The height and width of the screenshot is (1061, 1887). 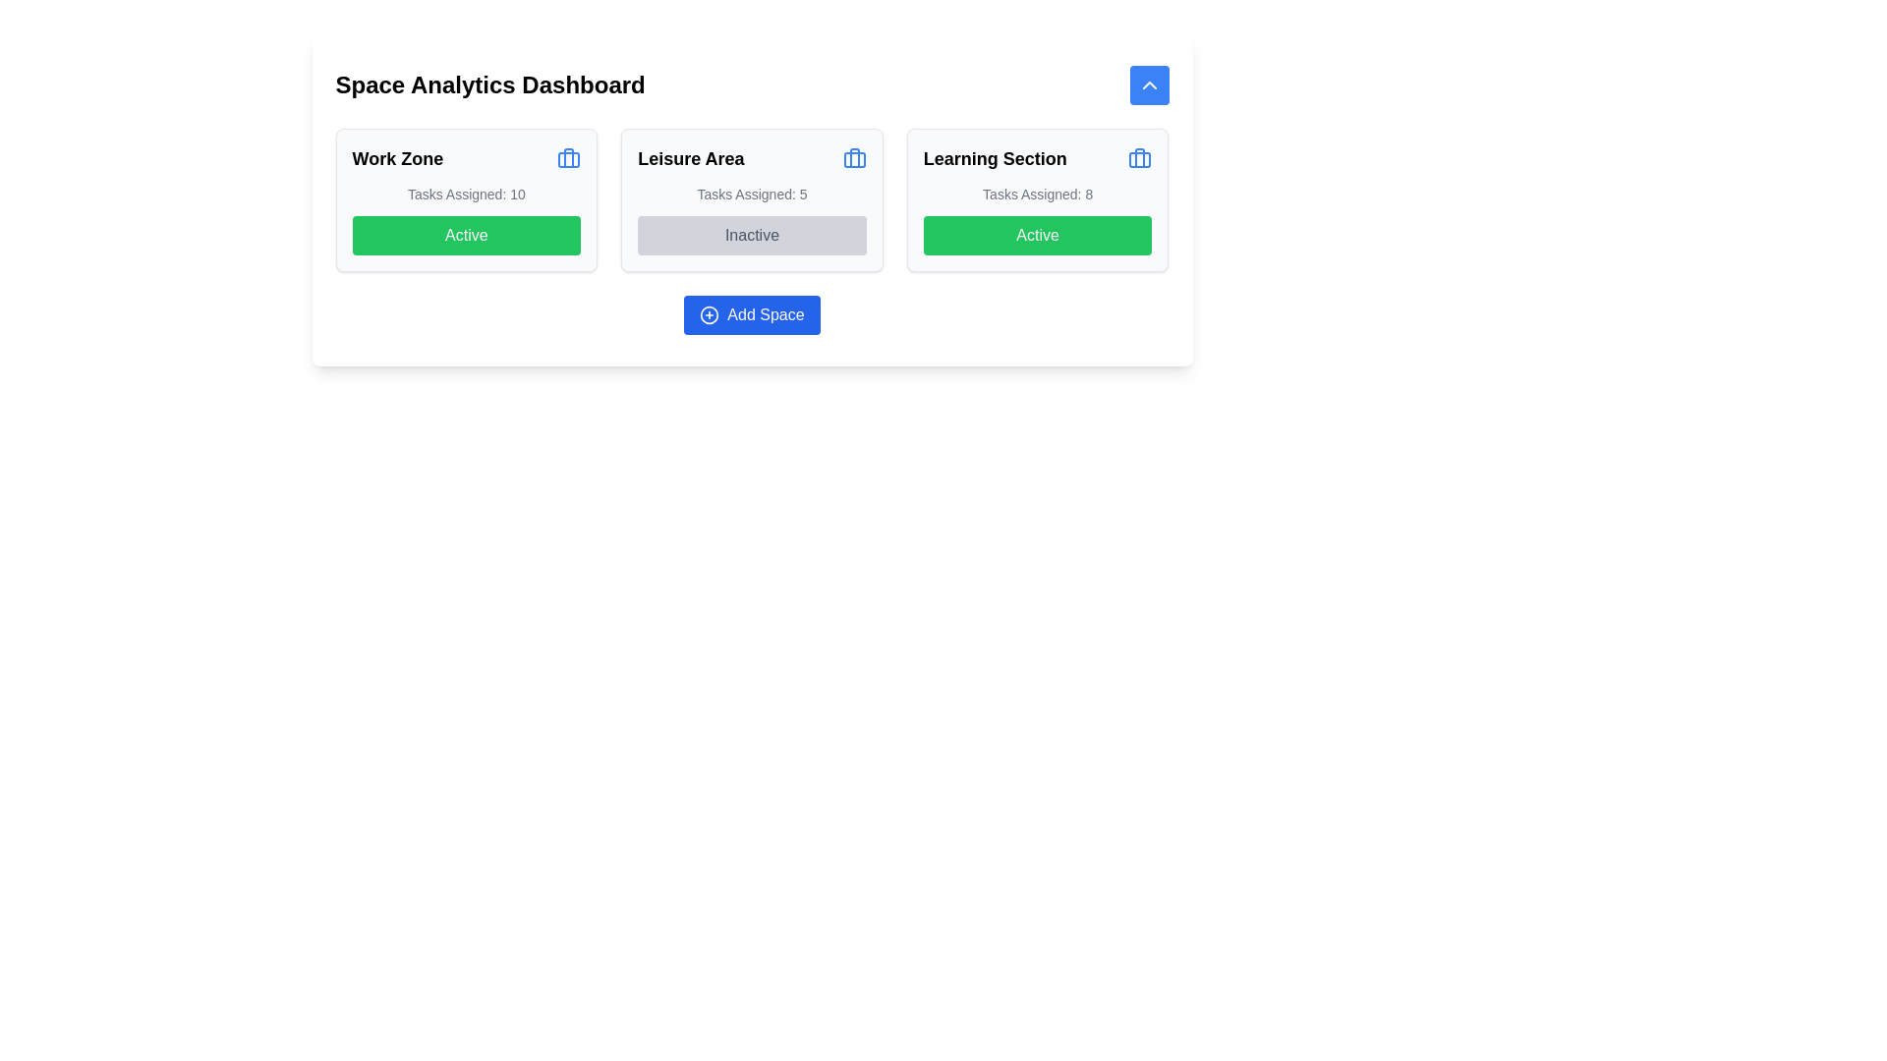 I want to click on the button located in the top-right corner of the 'Space Analytics Dashboard', so click(x=1149, y=84).